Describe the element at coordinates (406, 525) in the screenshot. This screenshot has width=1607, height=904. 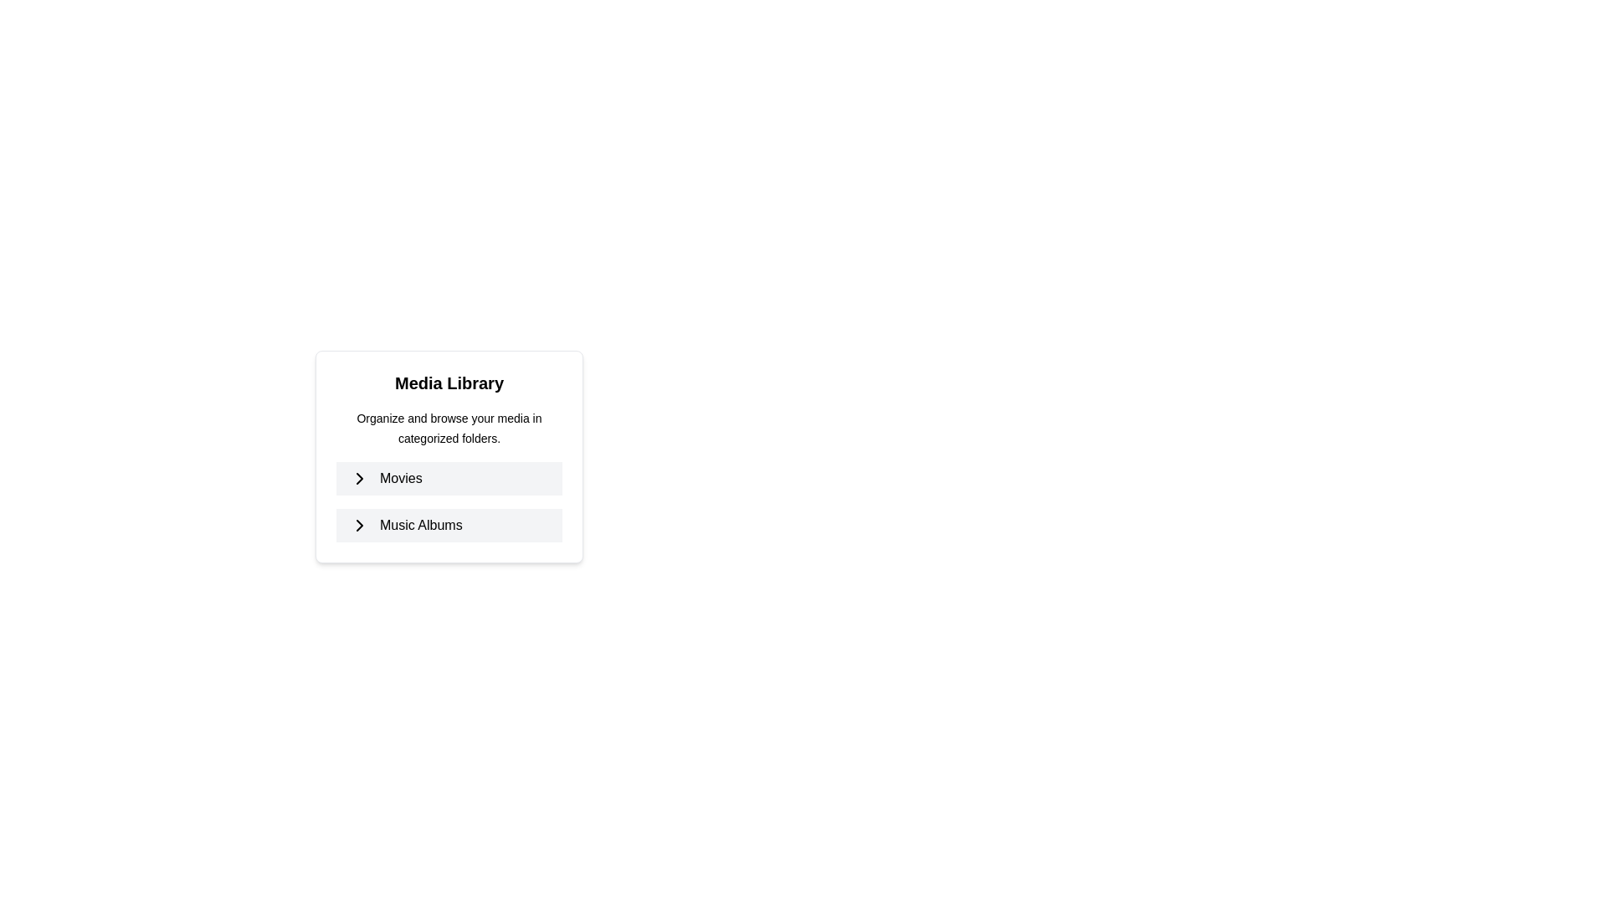
I see `the 'Music Albums' text label located as the second item in the 'Media Library' section` at that location.